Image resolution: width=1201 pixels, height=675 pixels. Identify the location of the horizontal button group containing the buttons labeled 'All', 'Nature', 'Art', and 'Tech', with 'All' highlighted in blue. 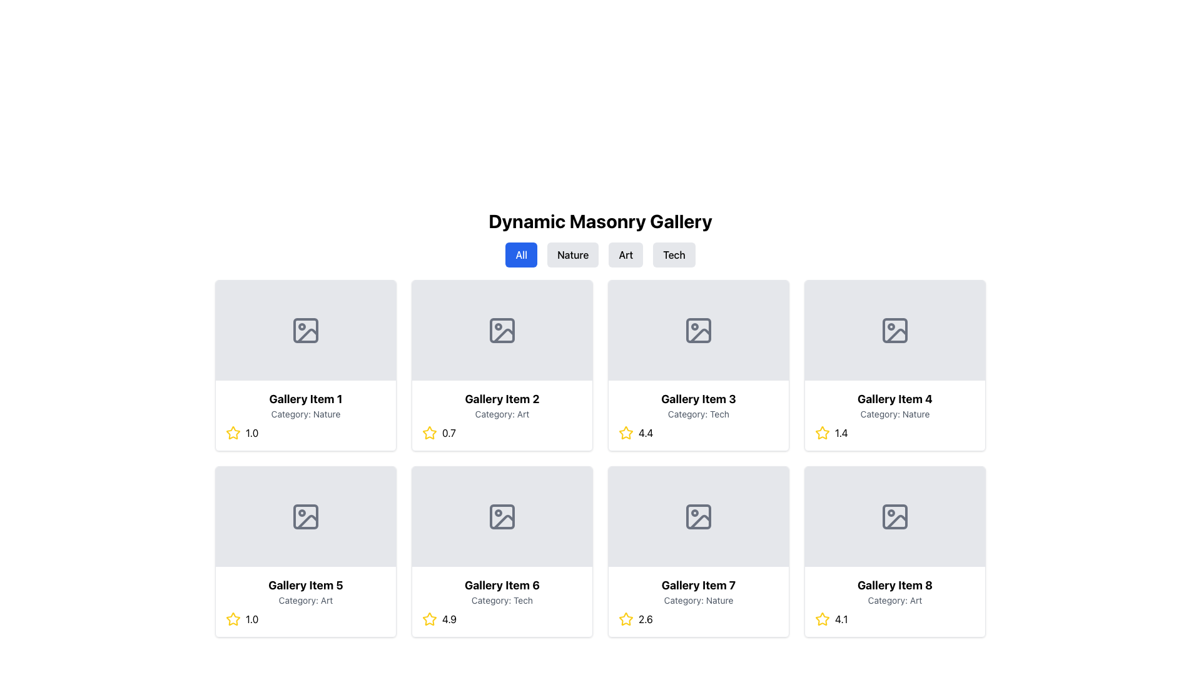
(600, 254).